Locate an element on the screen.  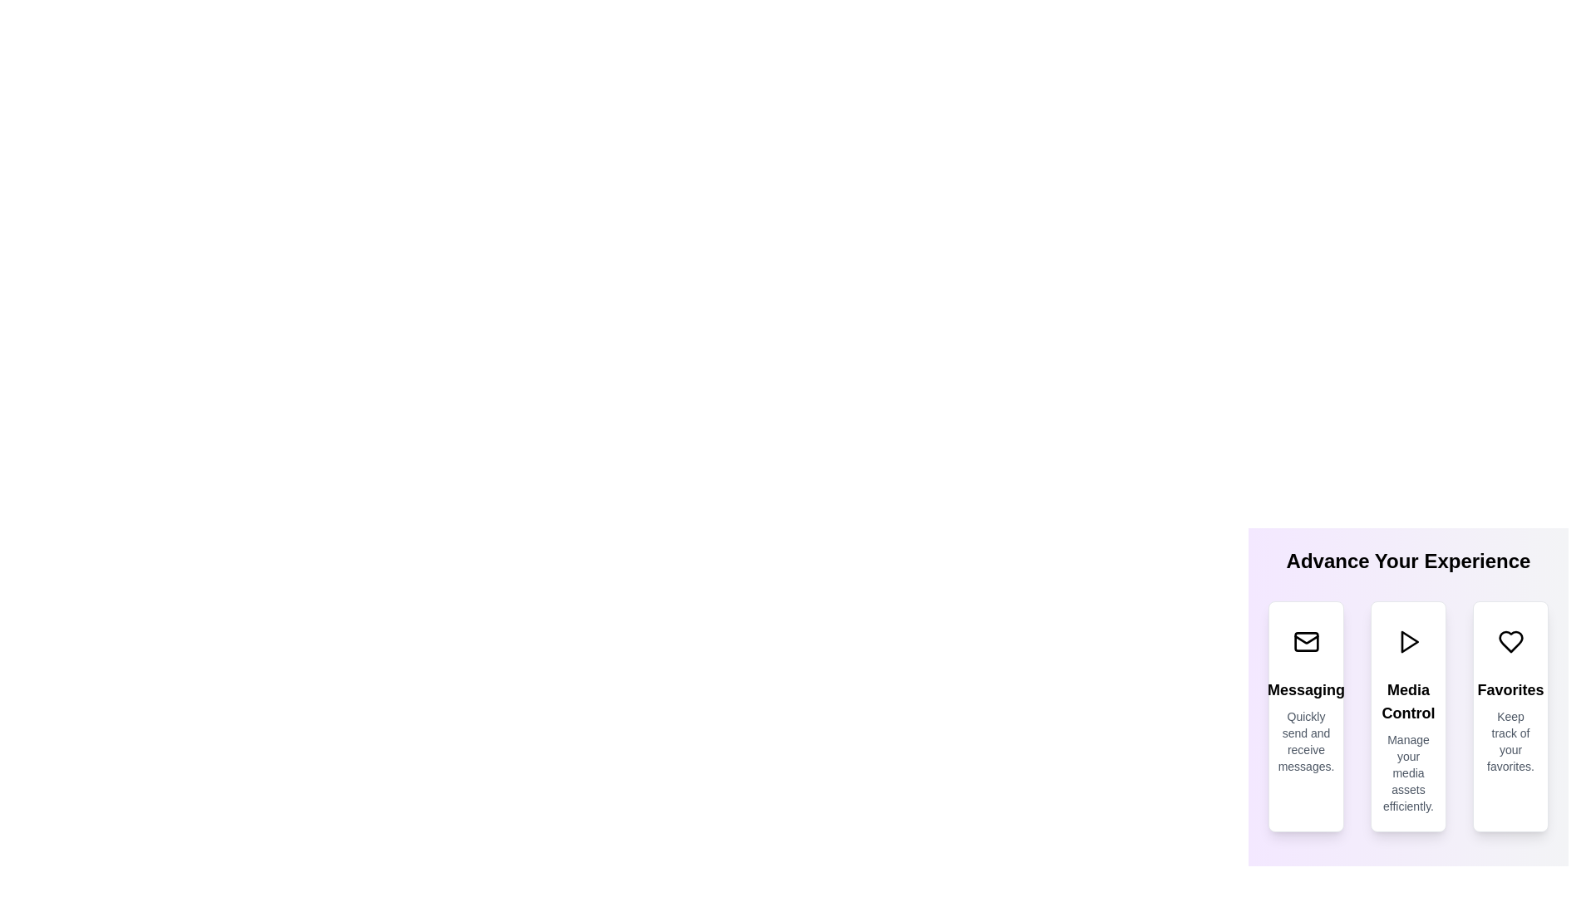
text label 'Favorites' which is styled with bold black text and located centrally within a card at the far-right of a three-card layout is located at coordinates (1510, 689).